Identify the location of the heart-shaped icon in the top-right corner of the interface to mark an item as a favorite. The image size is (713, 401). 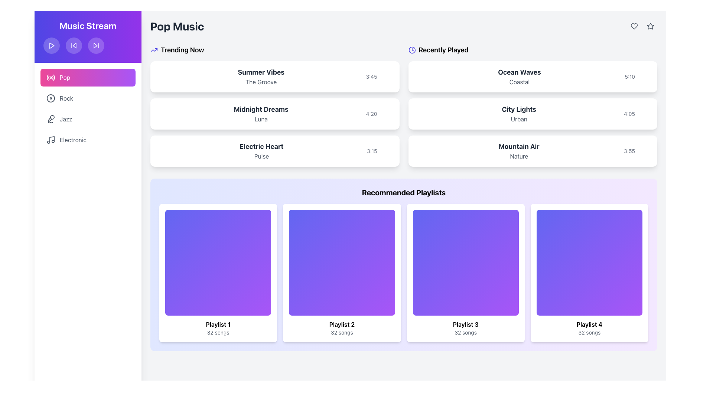
(634, 26).